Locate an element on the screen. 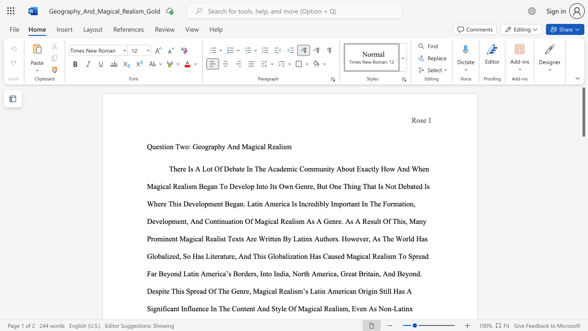  the scrollbar on the right to move the page downward is located at coordinates (583, 234).